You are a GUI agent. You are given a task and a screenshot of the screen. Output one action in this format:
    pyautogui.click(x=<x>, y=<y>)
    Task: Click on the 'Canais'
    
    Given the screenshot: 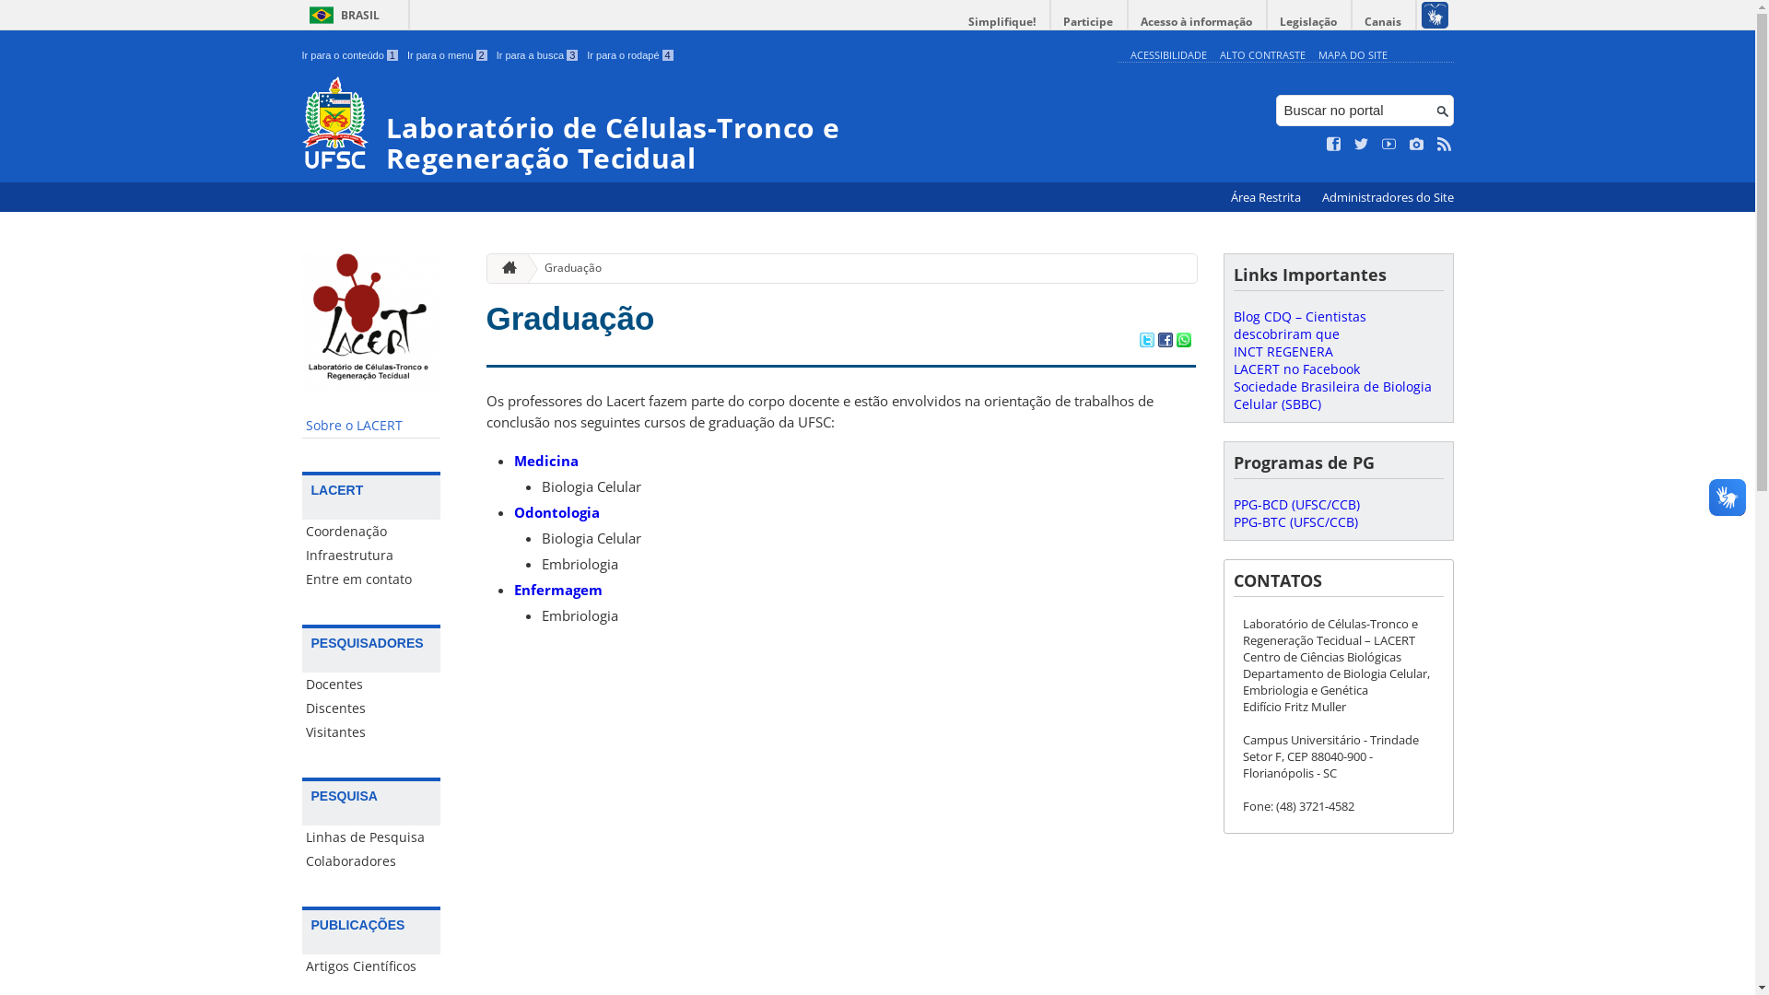 What is the action you would take?
    pyautogui.click(x=1384, y=21)
    